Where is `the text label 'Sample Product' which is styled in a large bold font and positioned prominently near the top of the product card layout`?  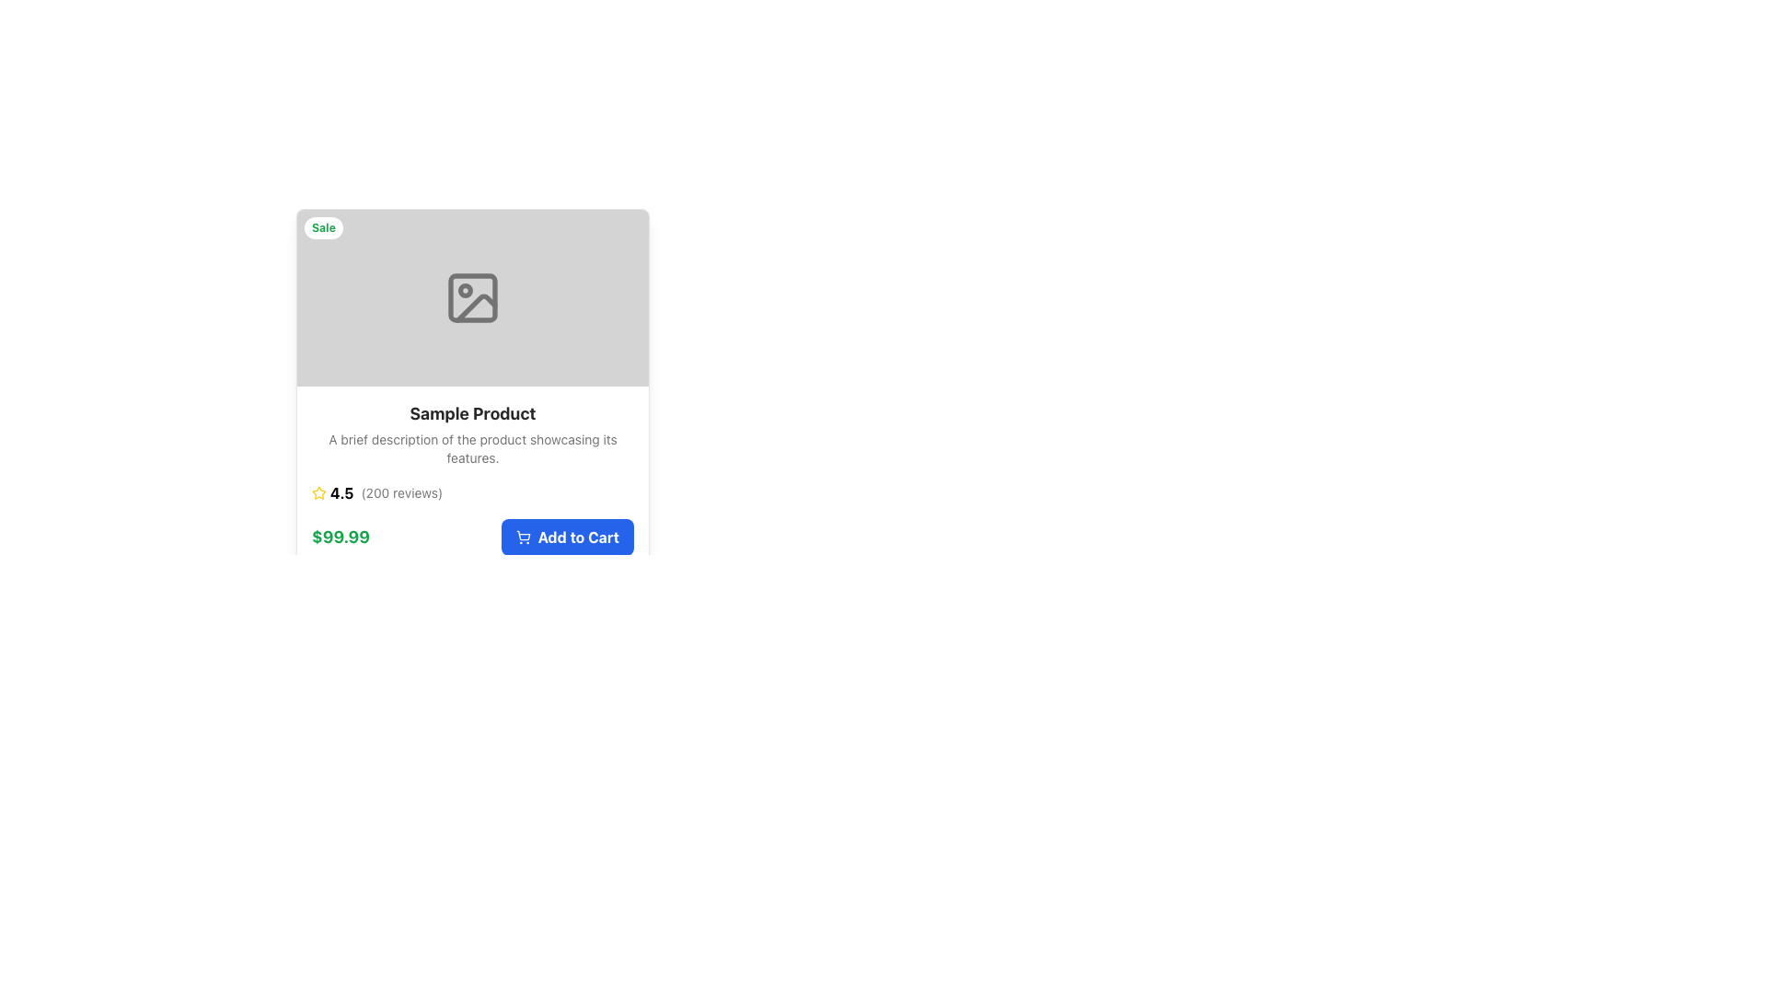
the text label 'Sample Product' which is styled in a large bold font and positioned prominently near the top of the product card layout is located at coordinates (472, 414).